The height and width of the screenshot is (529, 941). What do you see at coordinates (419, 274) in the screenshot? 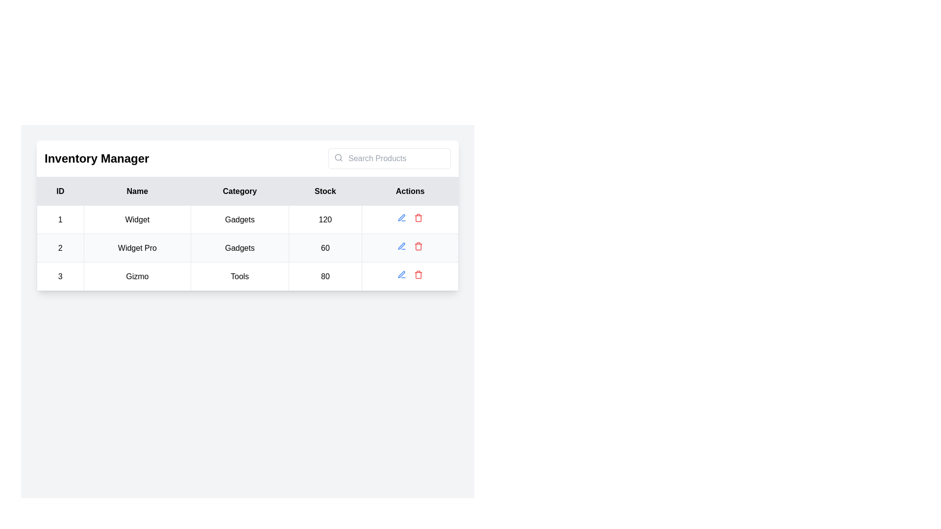
I see `the red trash bin icon located in the 'Actions' column of the third row of the table` at bounding box center [419, 274].